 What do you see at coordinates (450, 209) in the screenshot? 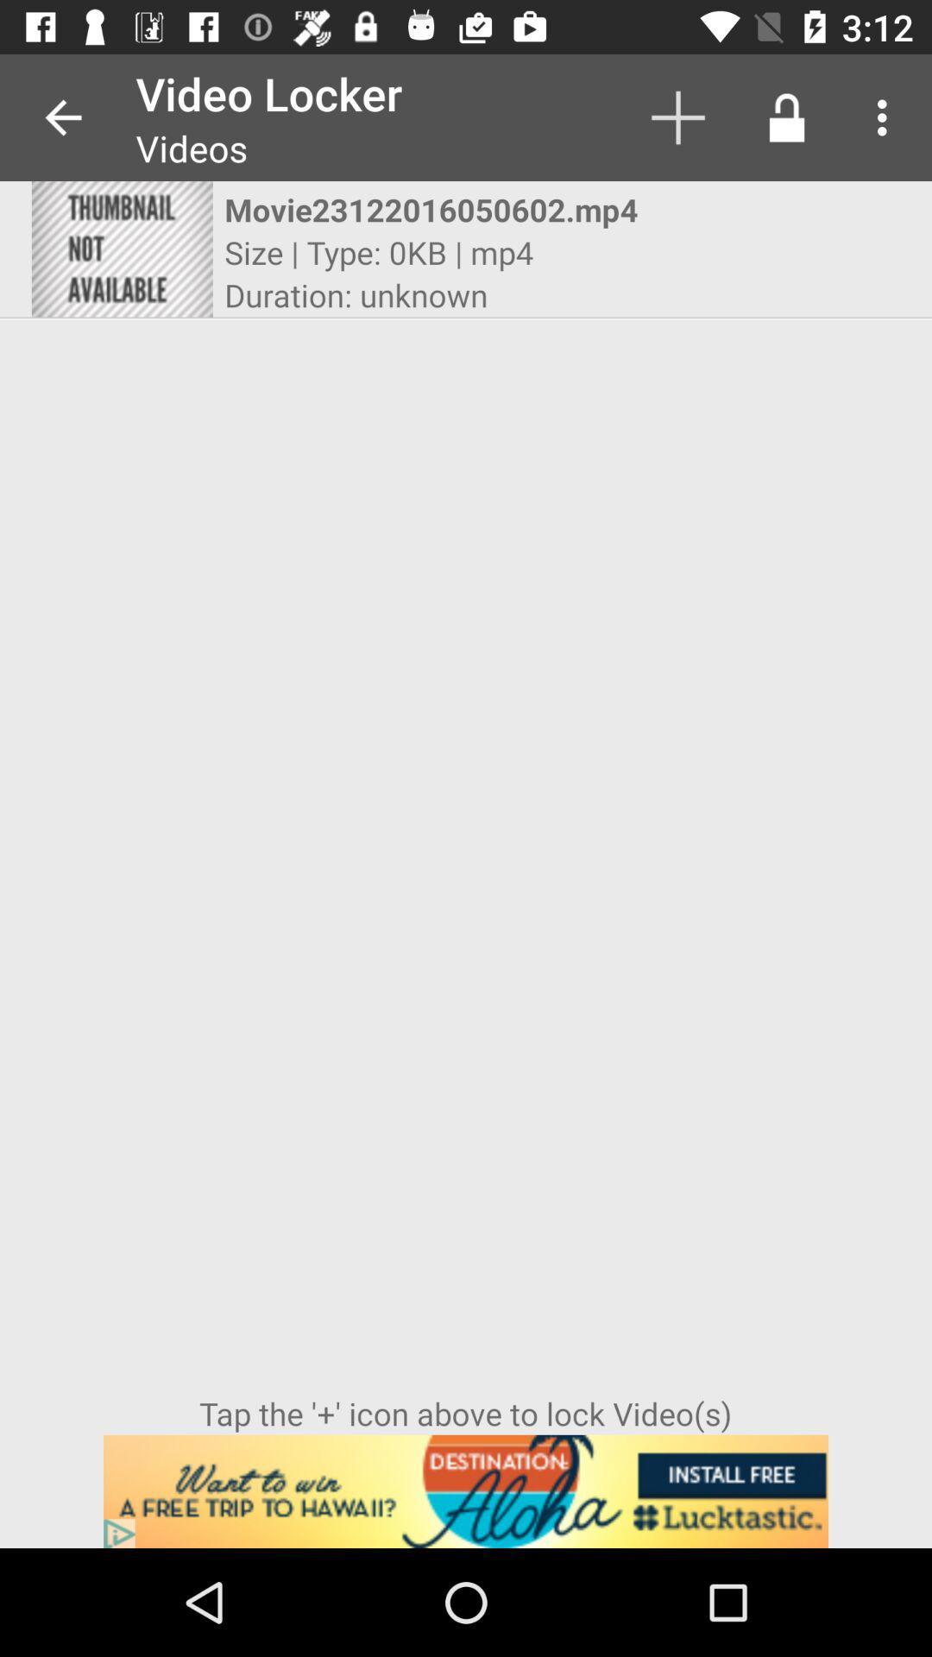
I see `the icon above the size type 0kb` at bounding box center [450, 209].